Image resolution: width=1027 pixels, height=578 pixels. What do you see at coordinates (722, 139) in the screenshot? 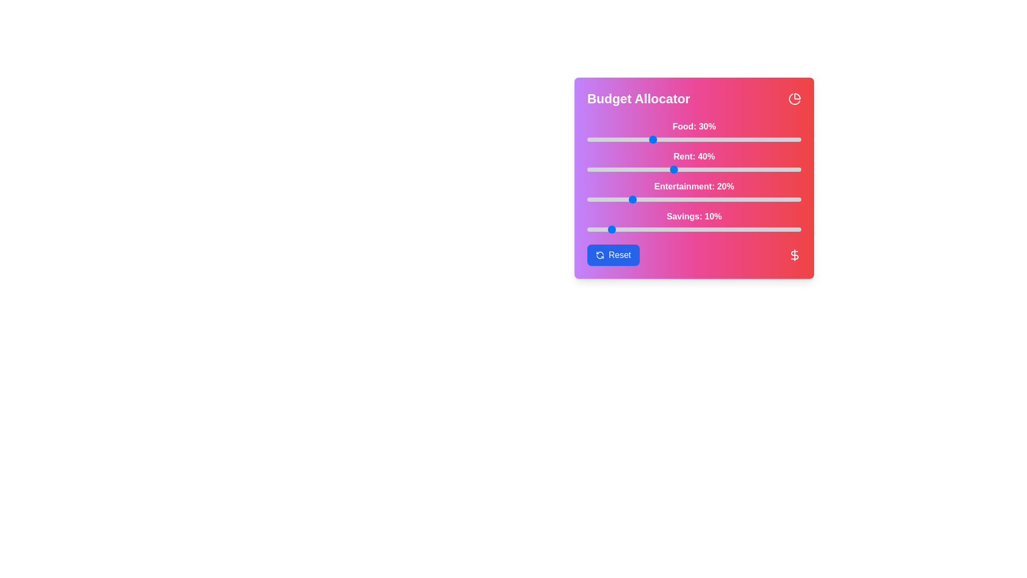
I see `the 'Food' budget slider` at bounding box center [722, 139].